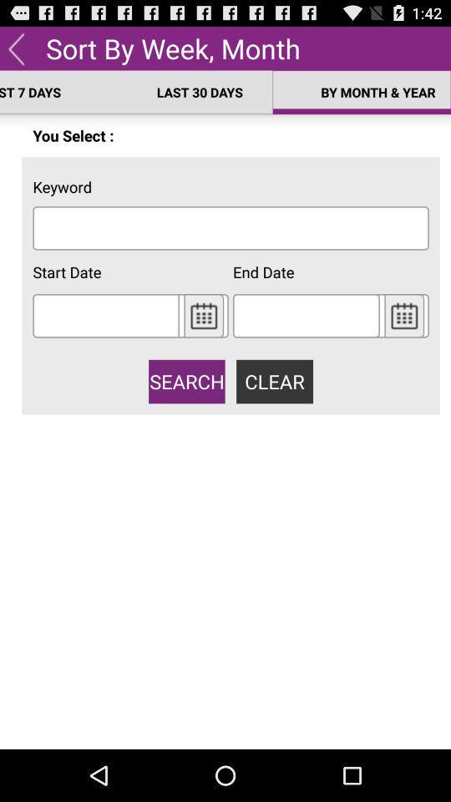 Image resolution: width=451 pixels, height=802 pixels. I want to click on keyword text, so click(230, 227).